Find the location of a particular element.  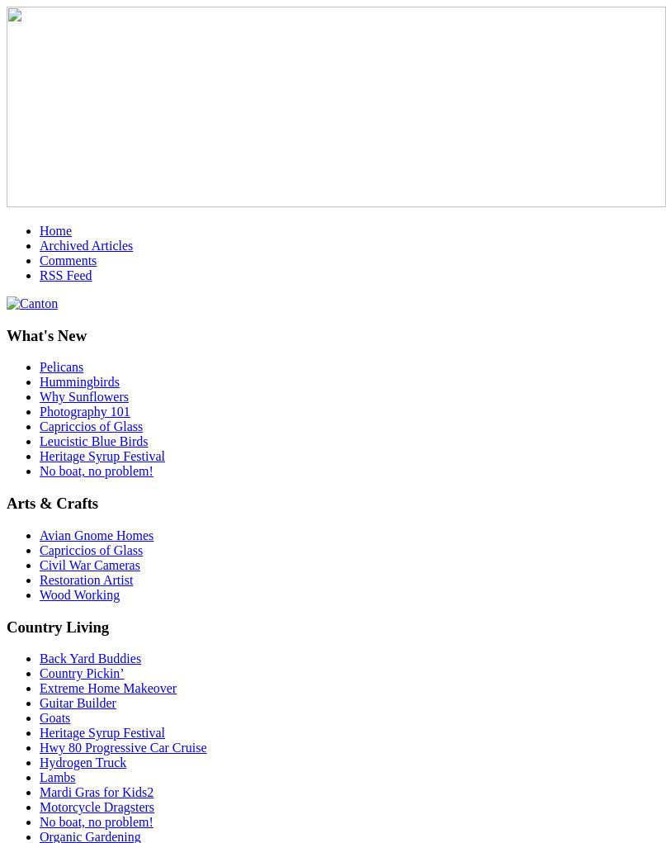

'Civil War Cameras' is located at coordinates (88, 564).